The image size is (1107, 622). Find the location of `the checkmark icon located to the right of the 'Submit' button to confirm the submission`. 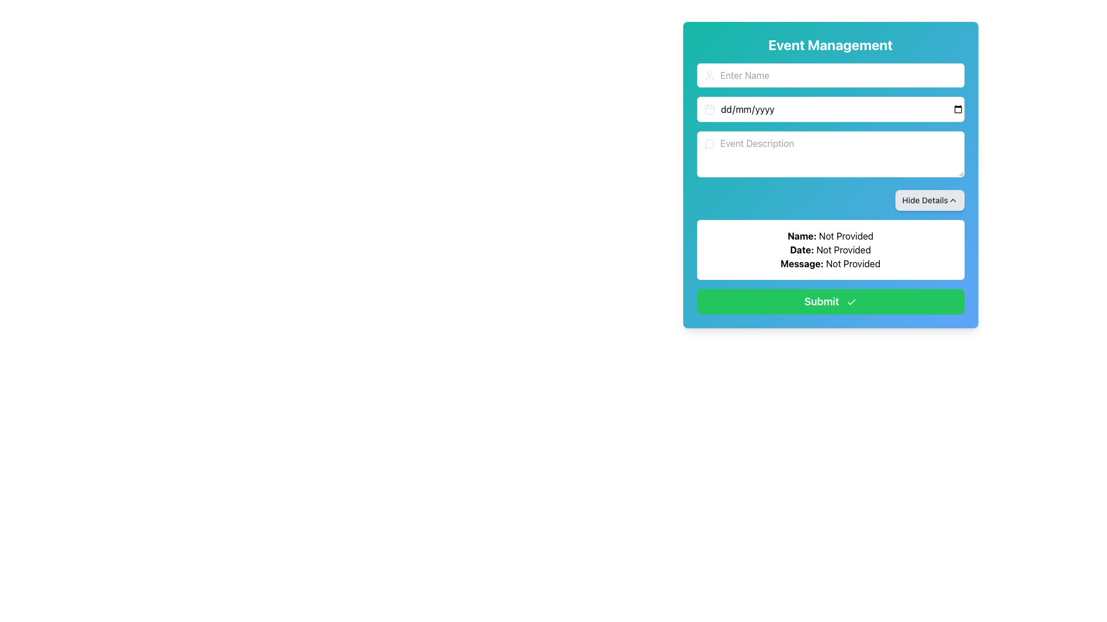

the checkmark icon located to the right of the 'Submit' button to confirm the submission is located at coordinates (851, 302).